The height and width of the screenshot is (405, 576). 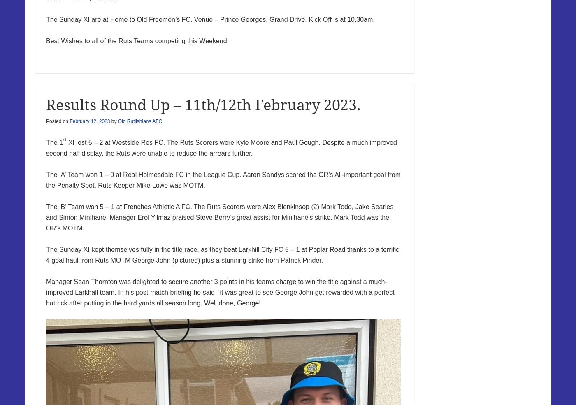 What do you see at coordinates (137, 40) in the screenshot?
I see `'Best Wishes to all of the Ruts Teams competing this Weekend.'` at bounding box center [137, 40].